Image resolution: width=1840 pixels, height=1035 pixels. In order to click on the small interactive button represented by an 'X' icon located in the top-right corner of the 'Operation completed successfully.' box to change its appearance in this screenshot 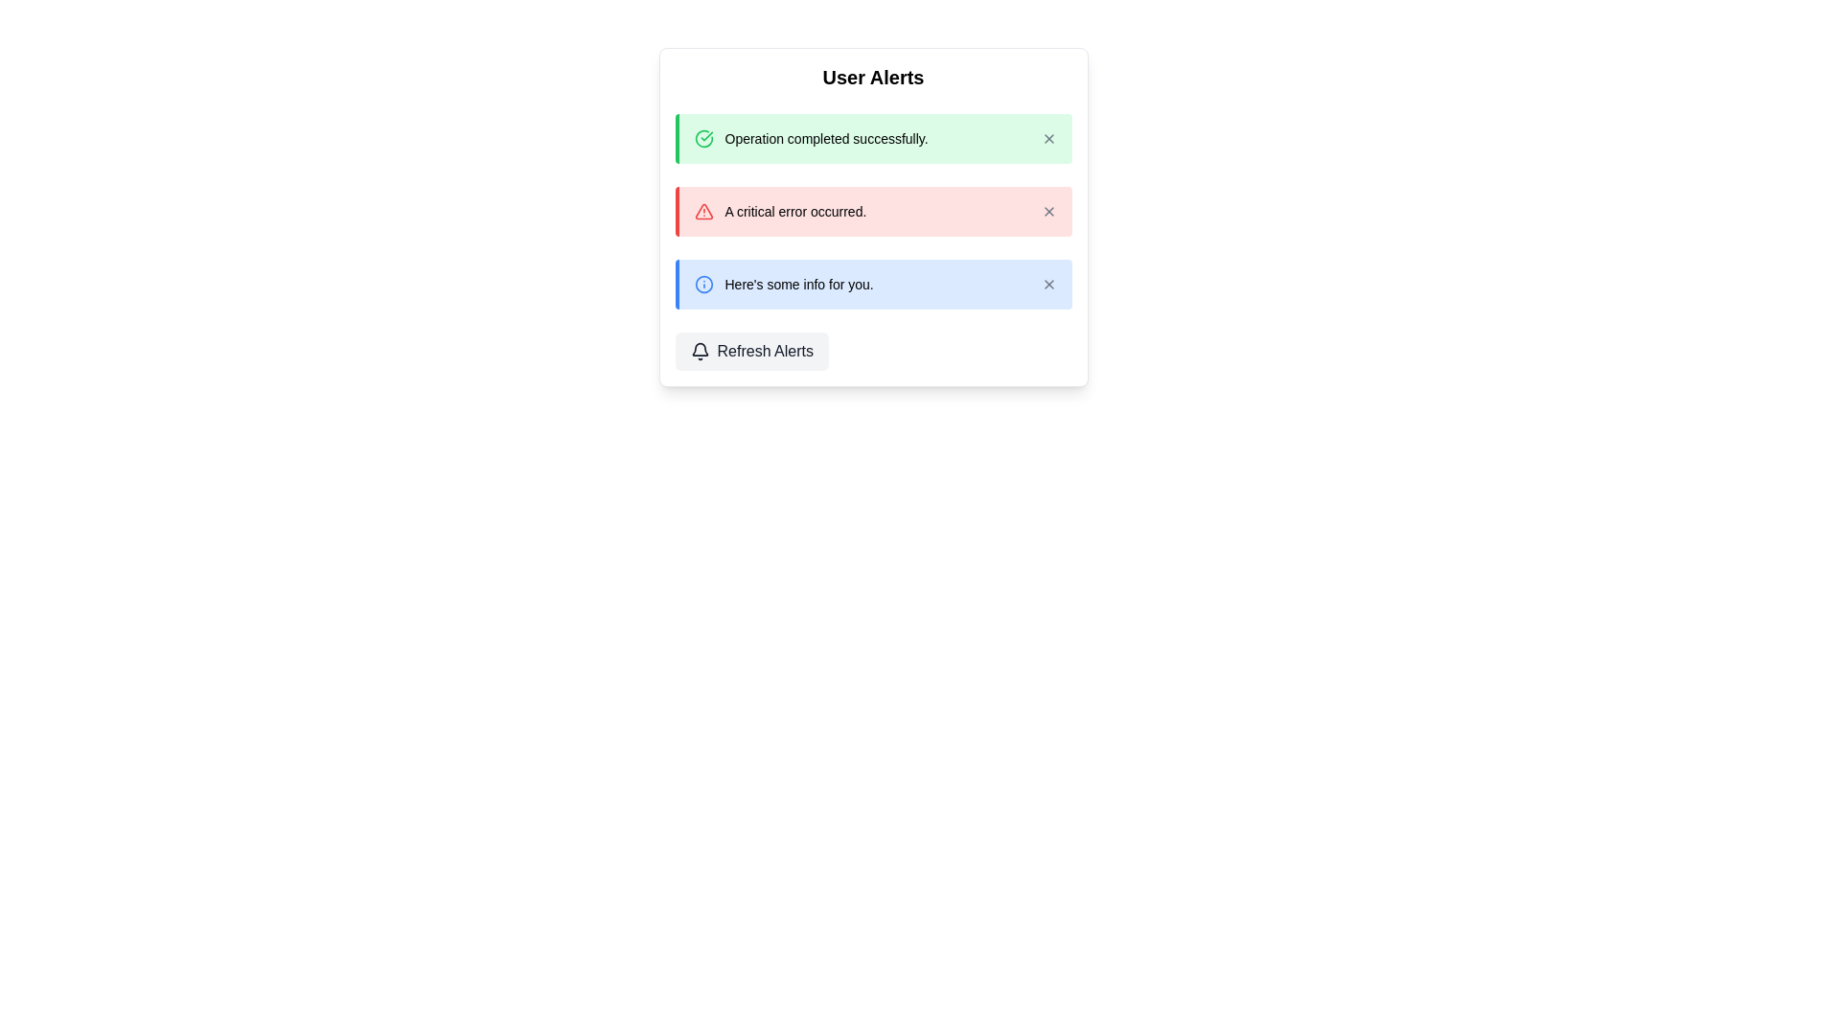, I will do `click(1047, 138)`.